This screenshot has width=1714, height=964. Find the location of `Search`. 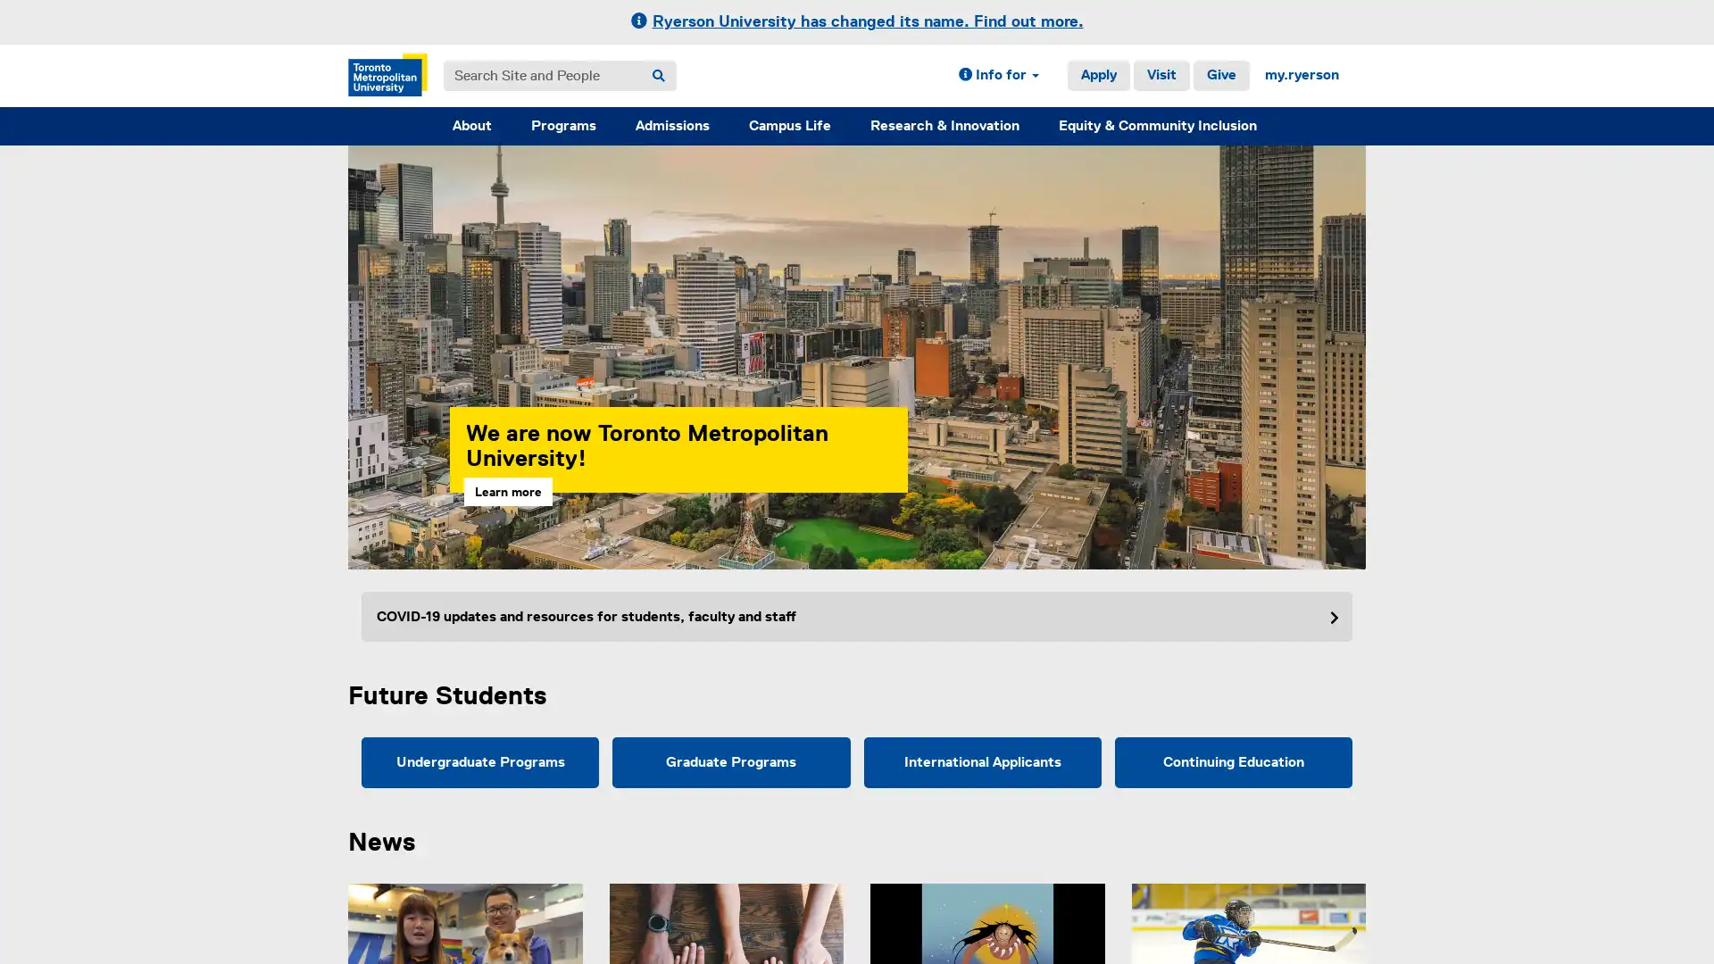

Search is located at coordinates (658, 74).